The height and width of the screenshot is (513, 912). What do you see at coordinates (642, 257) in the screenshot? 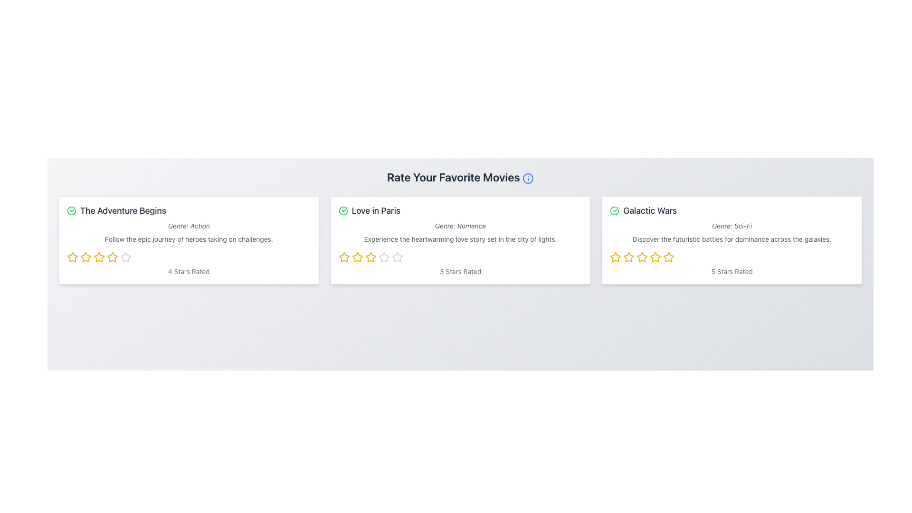
I see `the second interactive rating star under the 'Galactic Wars' card in the 'Rate Your Favorite Movies' section` at bounding box center [642, 257].